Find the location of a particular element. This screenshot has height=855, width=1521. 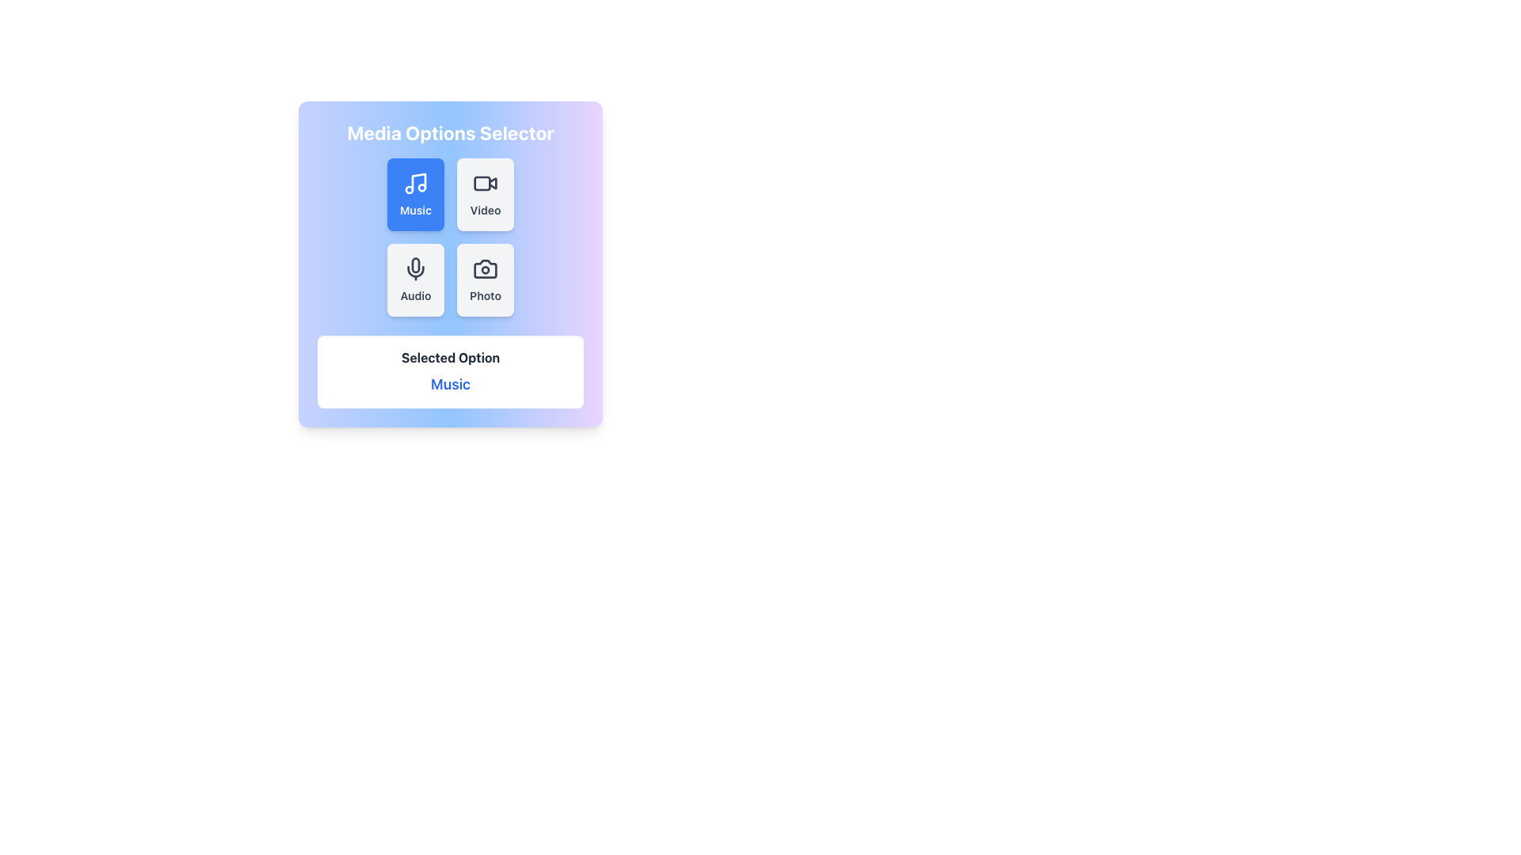

the highlighted 'Music' option in the Grid Layout of the 'Media Options Selector' card is located at coordinates (450, 237).